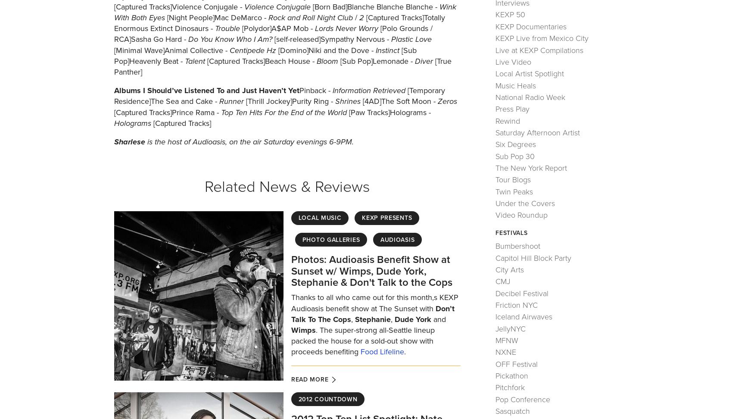 This screenshot has width=729, height=419. I want to click on 'Pop Conference', so click(523, 399).